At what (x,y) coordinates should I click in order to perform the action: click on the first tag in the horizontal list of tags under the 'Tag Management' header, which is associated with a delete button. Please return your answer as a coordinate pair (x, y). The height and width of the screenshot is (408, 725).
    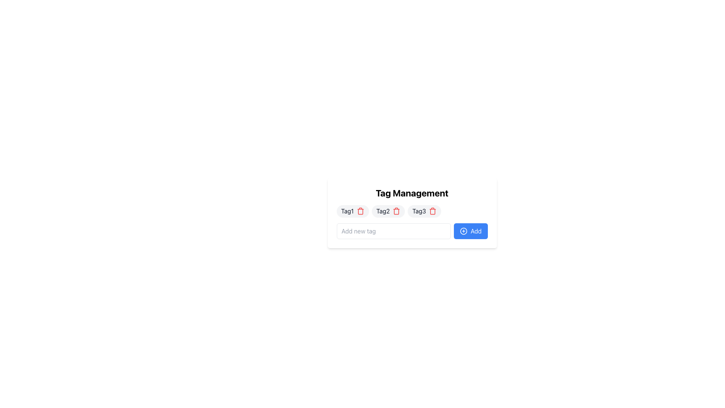
    Looking at the image, I should click on (352, 211).